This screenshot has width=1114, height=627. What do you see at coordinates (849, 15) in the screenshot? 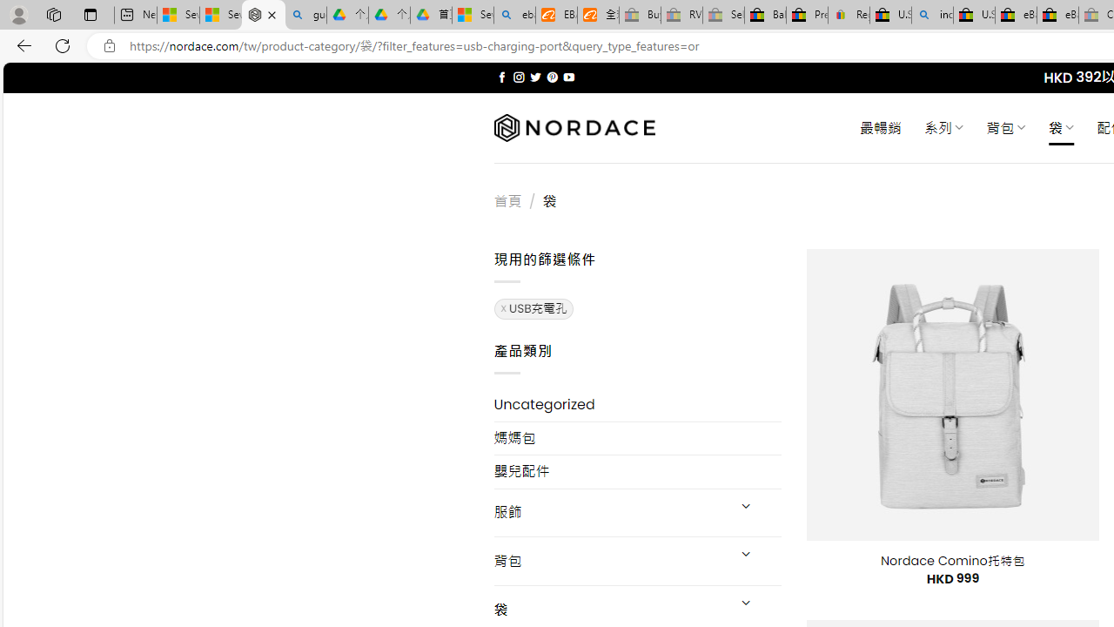
I see `'Register: Create a personal eBay account'` at bounding box center [849, 15].